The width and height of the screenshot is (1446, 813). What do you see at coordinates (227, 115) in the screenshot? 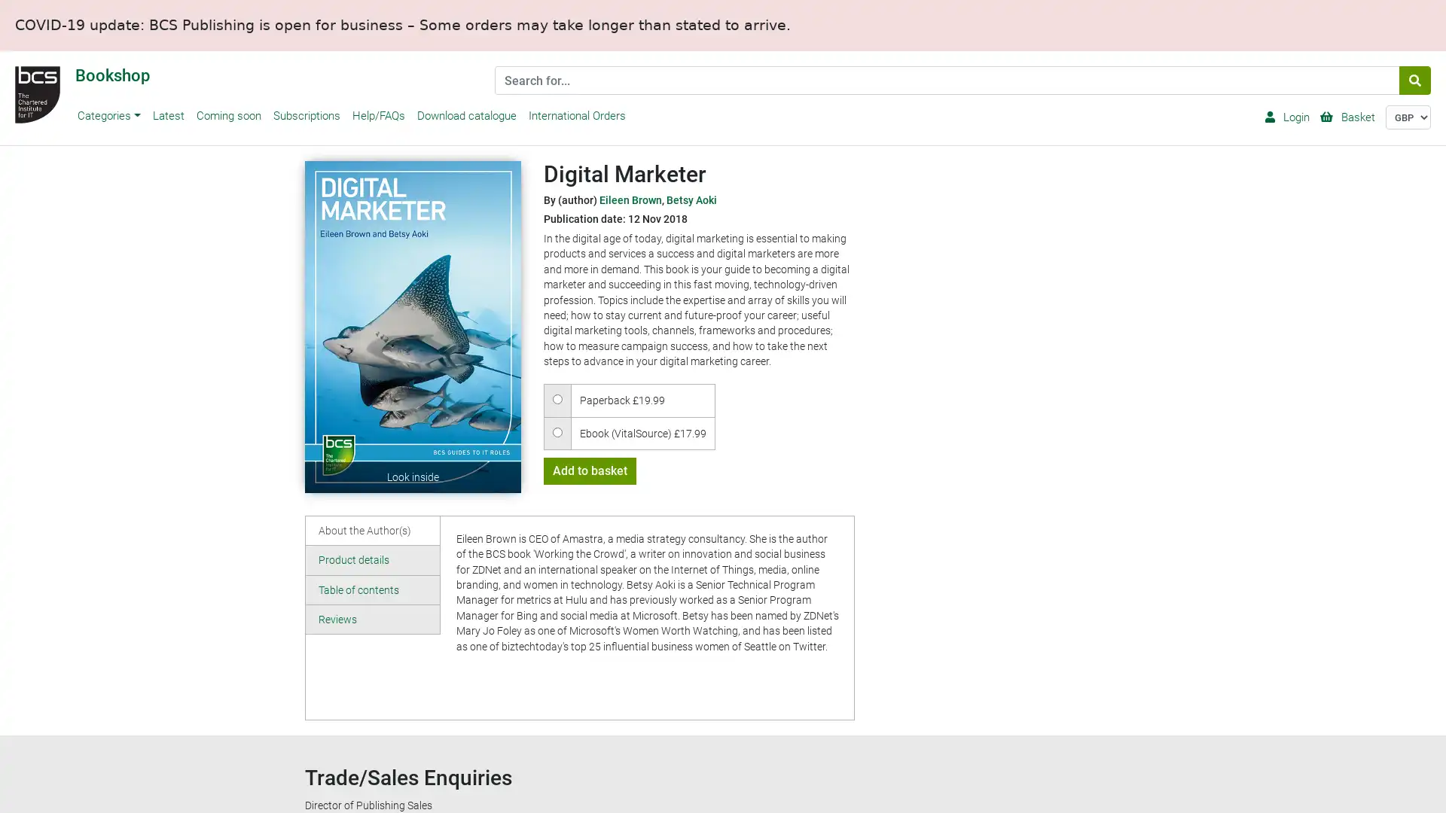
I see `Coming soon` at bounding box center [227, 115].